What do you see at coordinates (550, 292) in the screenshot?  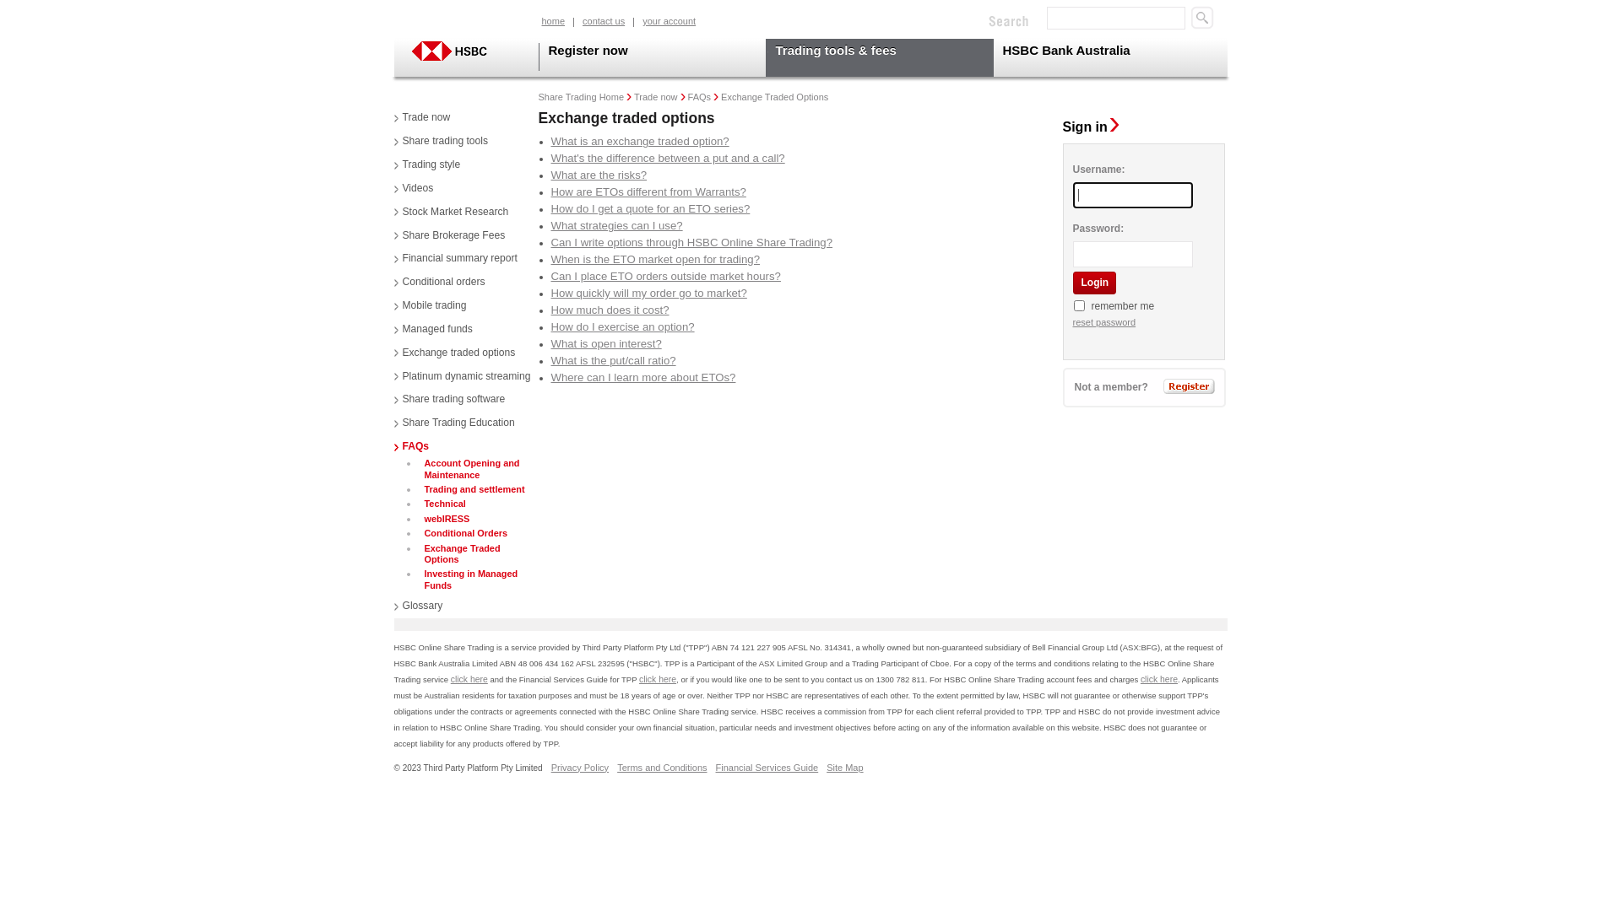 I see `'How quickly will my order go to market?'` at bounding box center [550, 292].